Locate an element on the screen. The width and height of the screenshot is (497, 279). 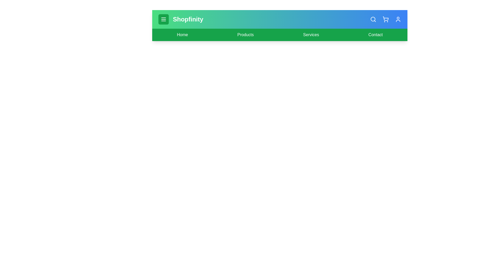
the 'Services' link in the navigation bar is located at coordinates (311, 35).